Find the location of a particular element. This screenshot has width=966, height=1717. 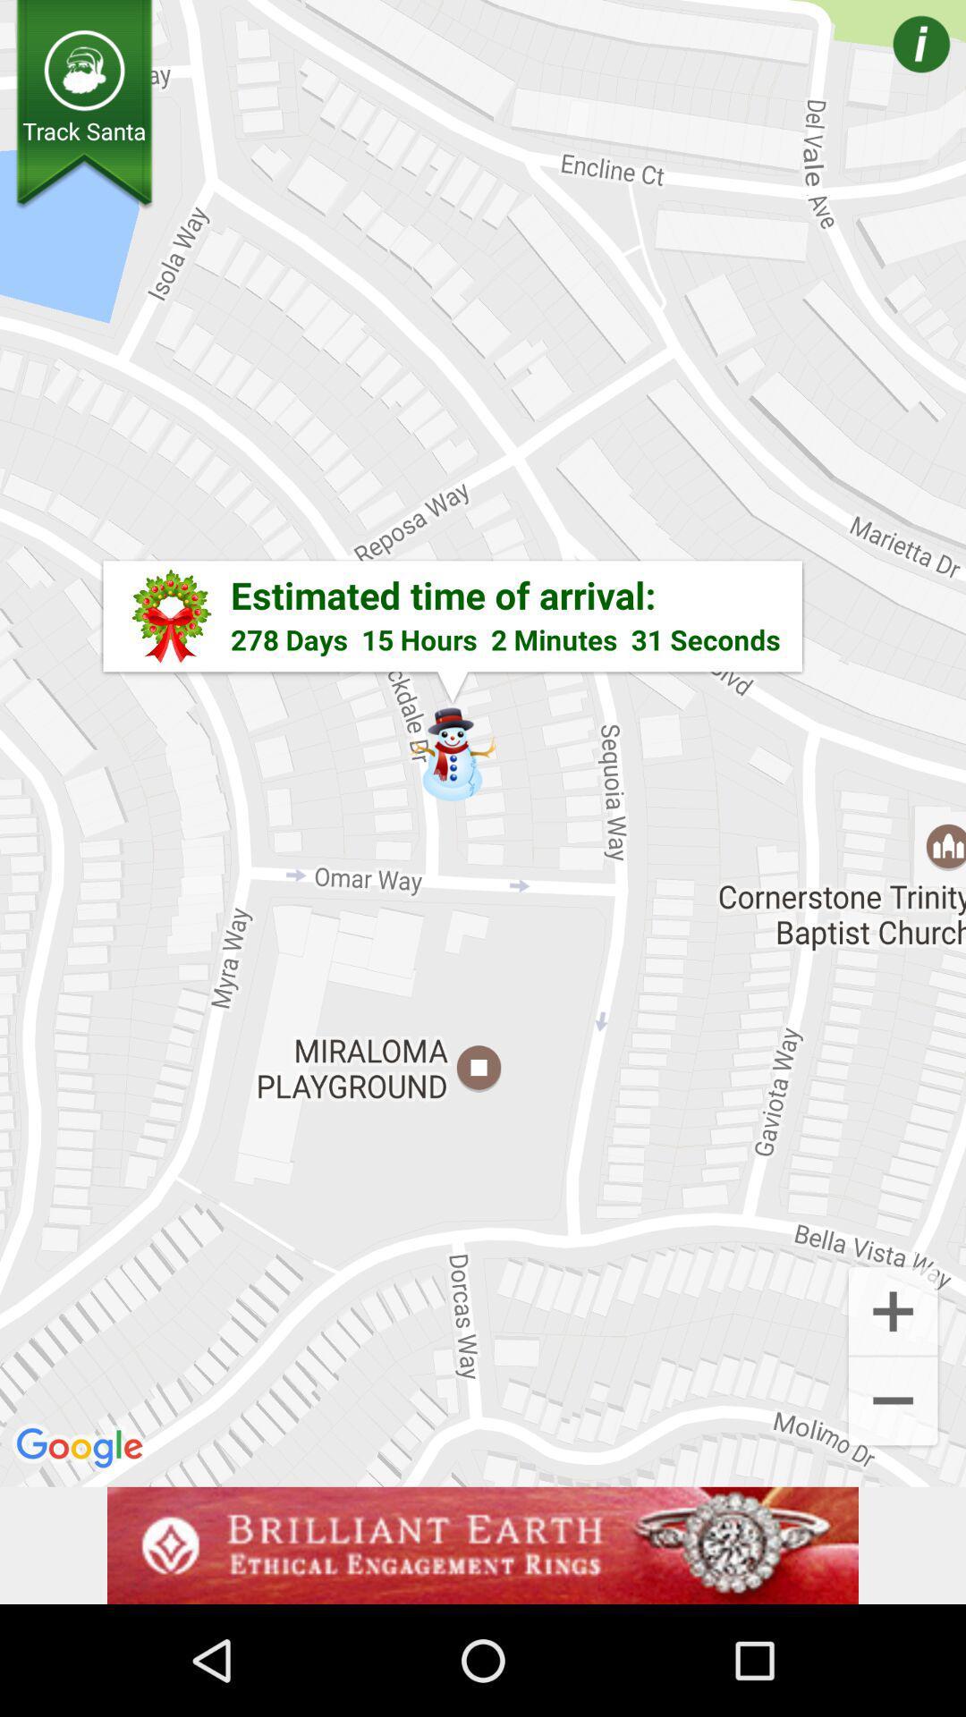

advertisement link is located at coordinates (483, 1544).